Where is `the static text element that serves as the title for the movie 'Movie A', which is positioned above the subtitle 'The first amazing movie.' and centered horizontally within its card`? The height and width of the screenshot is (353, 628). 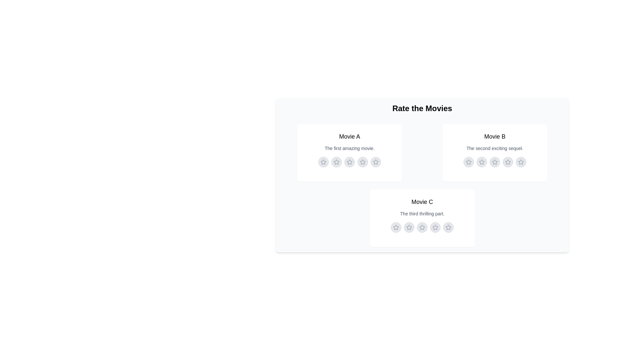
the static text element that serves as the title for the movie 'Movie A', which is positioned above the subtitle 'The first amazing movie.' and centered horizontally within its card is located at coordinates (349, 136).